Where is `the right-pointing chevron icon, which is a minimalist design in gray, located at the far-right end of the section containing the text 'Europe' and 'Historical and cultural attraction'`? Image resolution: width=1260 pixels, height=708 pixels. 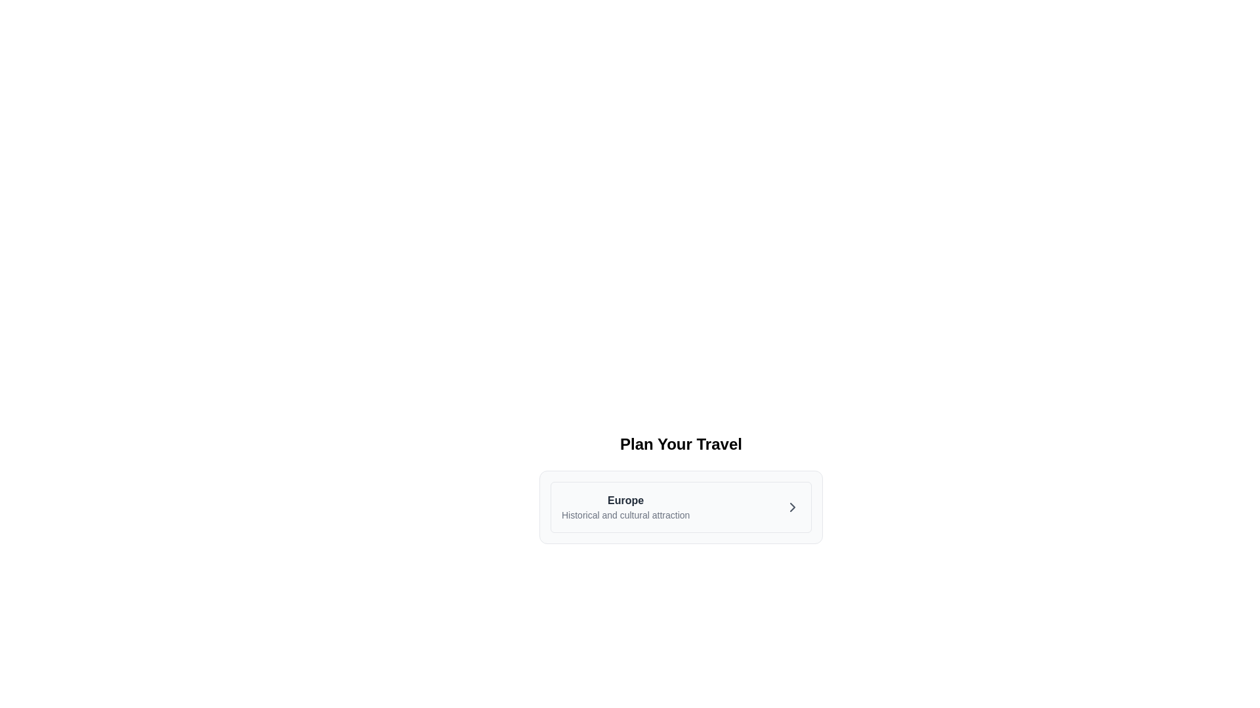
the right-pointing chevron icon, which is a minimalist design in gray, located at the far-right end of the section containing the text 'Europe' and 'Historical and cultural attraction' is located at coordinates (792, 507).